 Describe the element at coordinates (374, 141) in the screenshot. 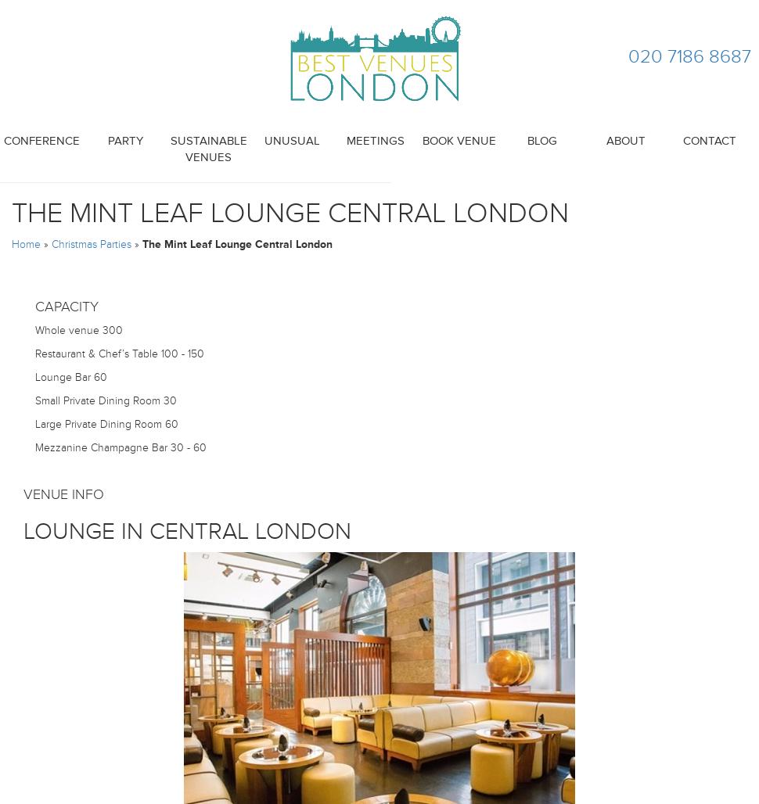

I see `'Meetings'` at that location.